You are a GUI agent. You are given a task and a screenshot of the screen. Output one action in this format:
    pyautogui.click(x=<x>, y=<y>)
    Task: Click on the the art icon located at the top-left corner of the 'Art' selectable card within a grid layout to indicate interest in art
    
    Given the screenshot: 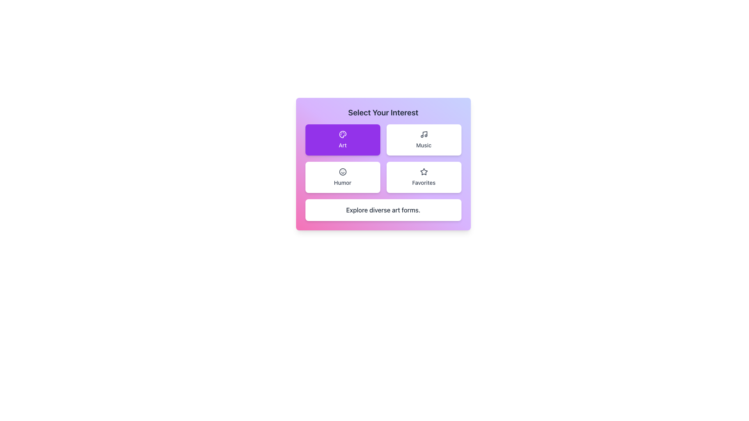 What is the action you would take?
    pyautogui.click(x=343, y=134)
    